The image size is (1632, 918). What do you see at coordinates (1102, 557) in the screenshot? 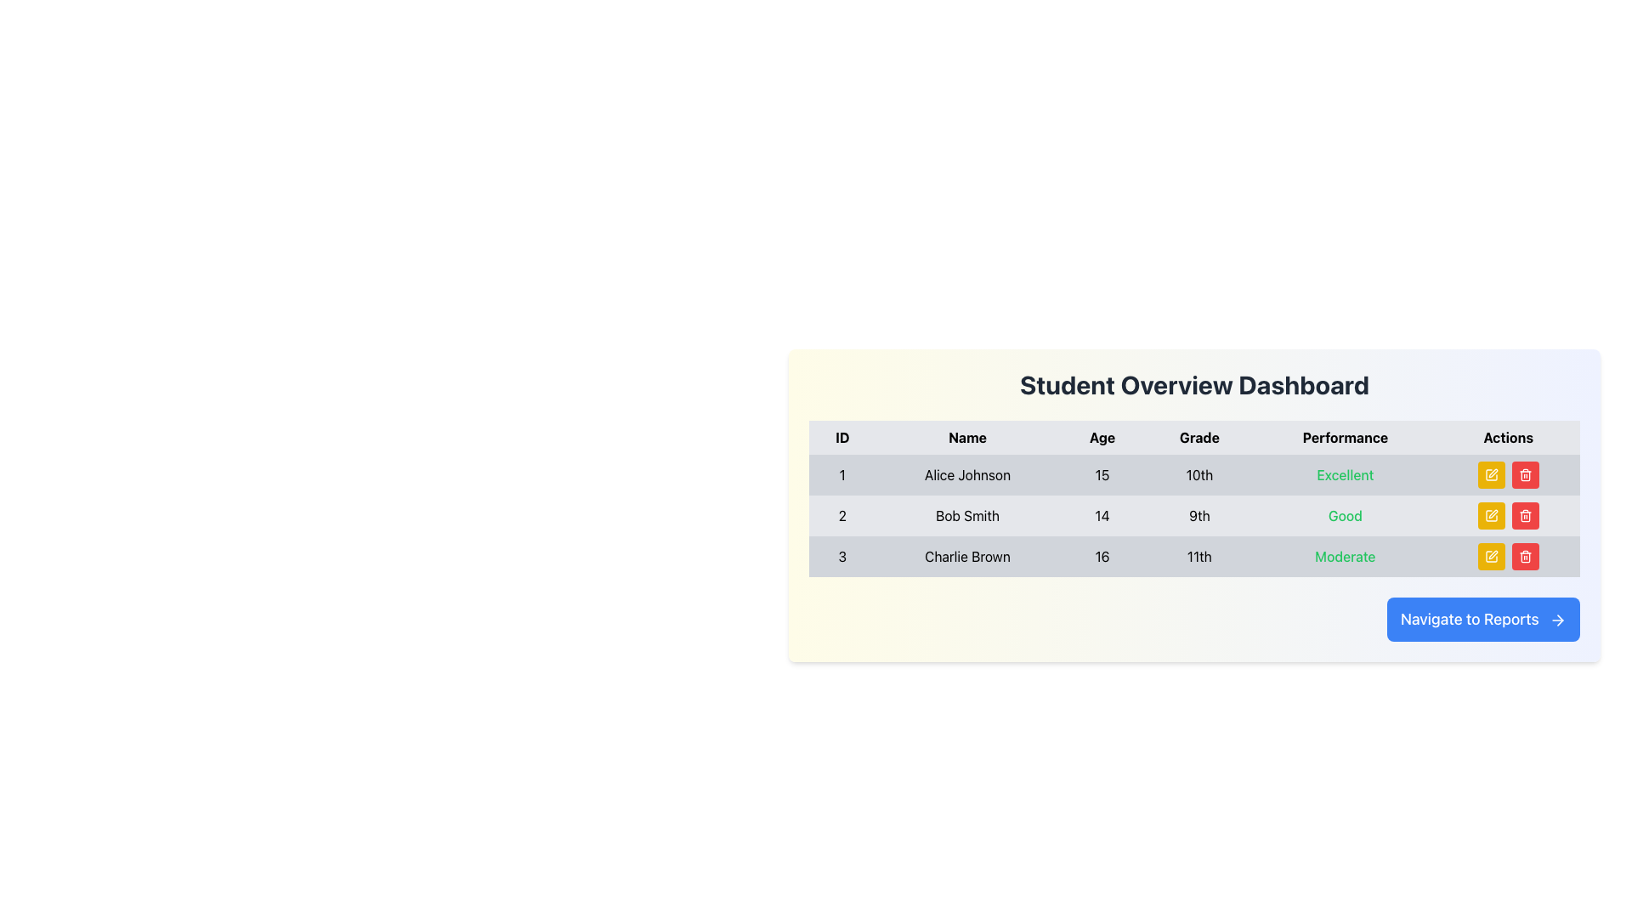
I see `the text display showing the number '16' in the 'Age' column for 'Charlie Brown' in the user data table` at bounding box center [1102, 557].